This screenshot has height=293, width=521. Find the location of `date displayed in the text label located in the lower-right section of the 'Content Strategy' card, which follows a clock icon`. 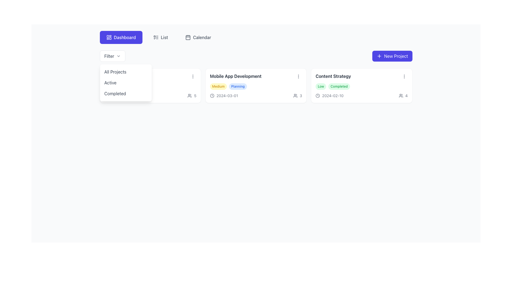

date displayed in the text label located in the lower-right section of the 'Content Strategy' card, which follows a clock icon is located at coordinates (332, 95).